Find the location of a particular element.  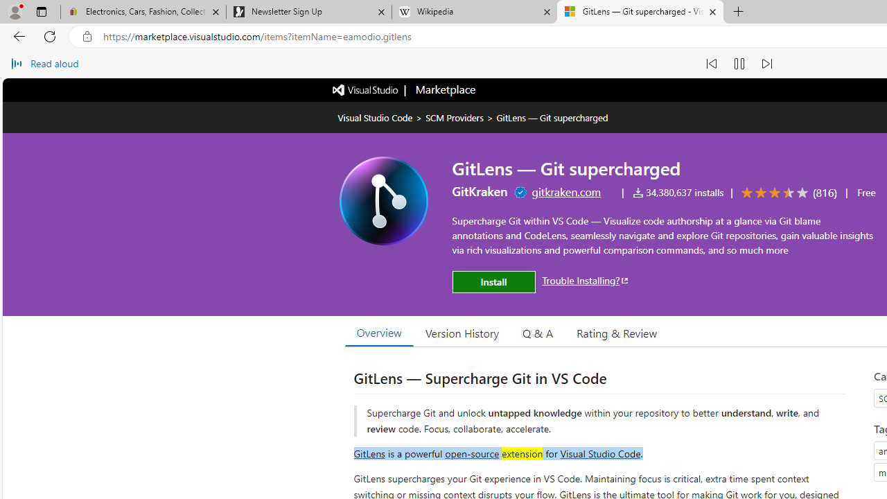

'Rating & Review' is located at coordinates (616, 332).